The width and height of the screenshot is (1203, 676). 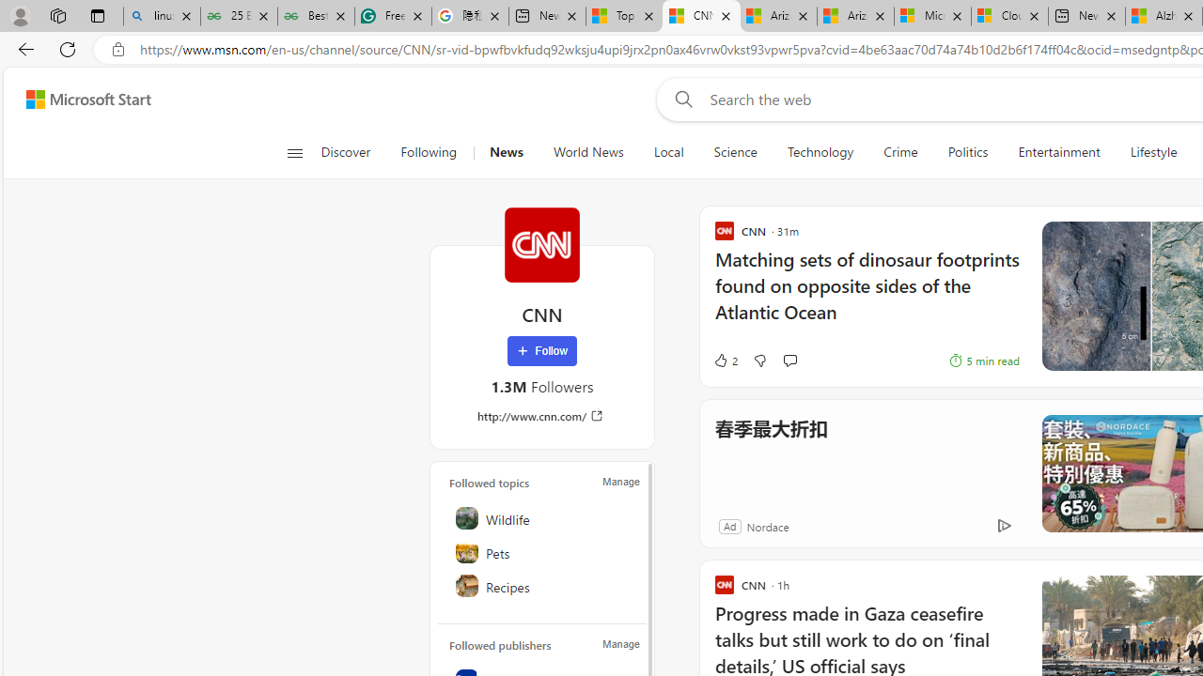 What do you see at coordinates (541, 244) in the screenshot?
I see `'CNN'` at bounding box center [541, 244].